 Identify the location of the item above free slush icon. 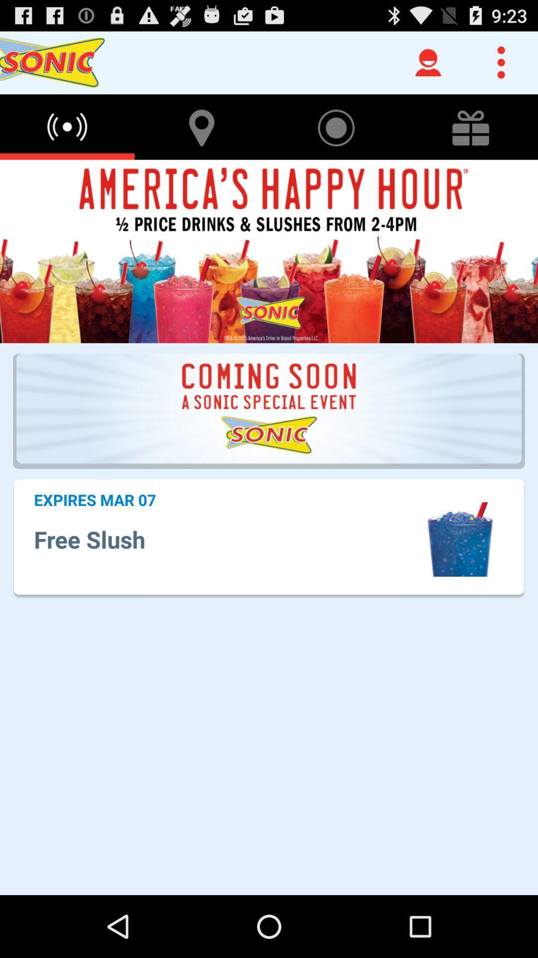
(95, 499).